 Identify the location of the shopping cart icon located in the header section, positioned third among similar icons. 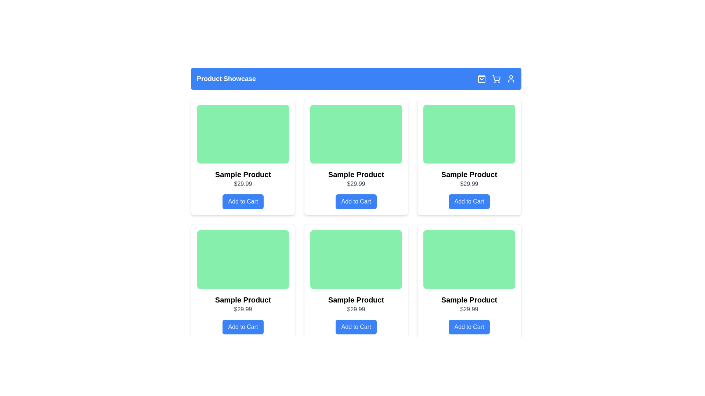
(496, 79).